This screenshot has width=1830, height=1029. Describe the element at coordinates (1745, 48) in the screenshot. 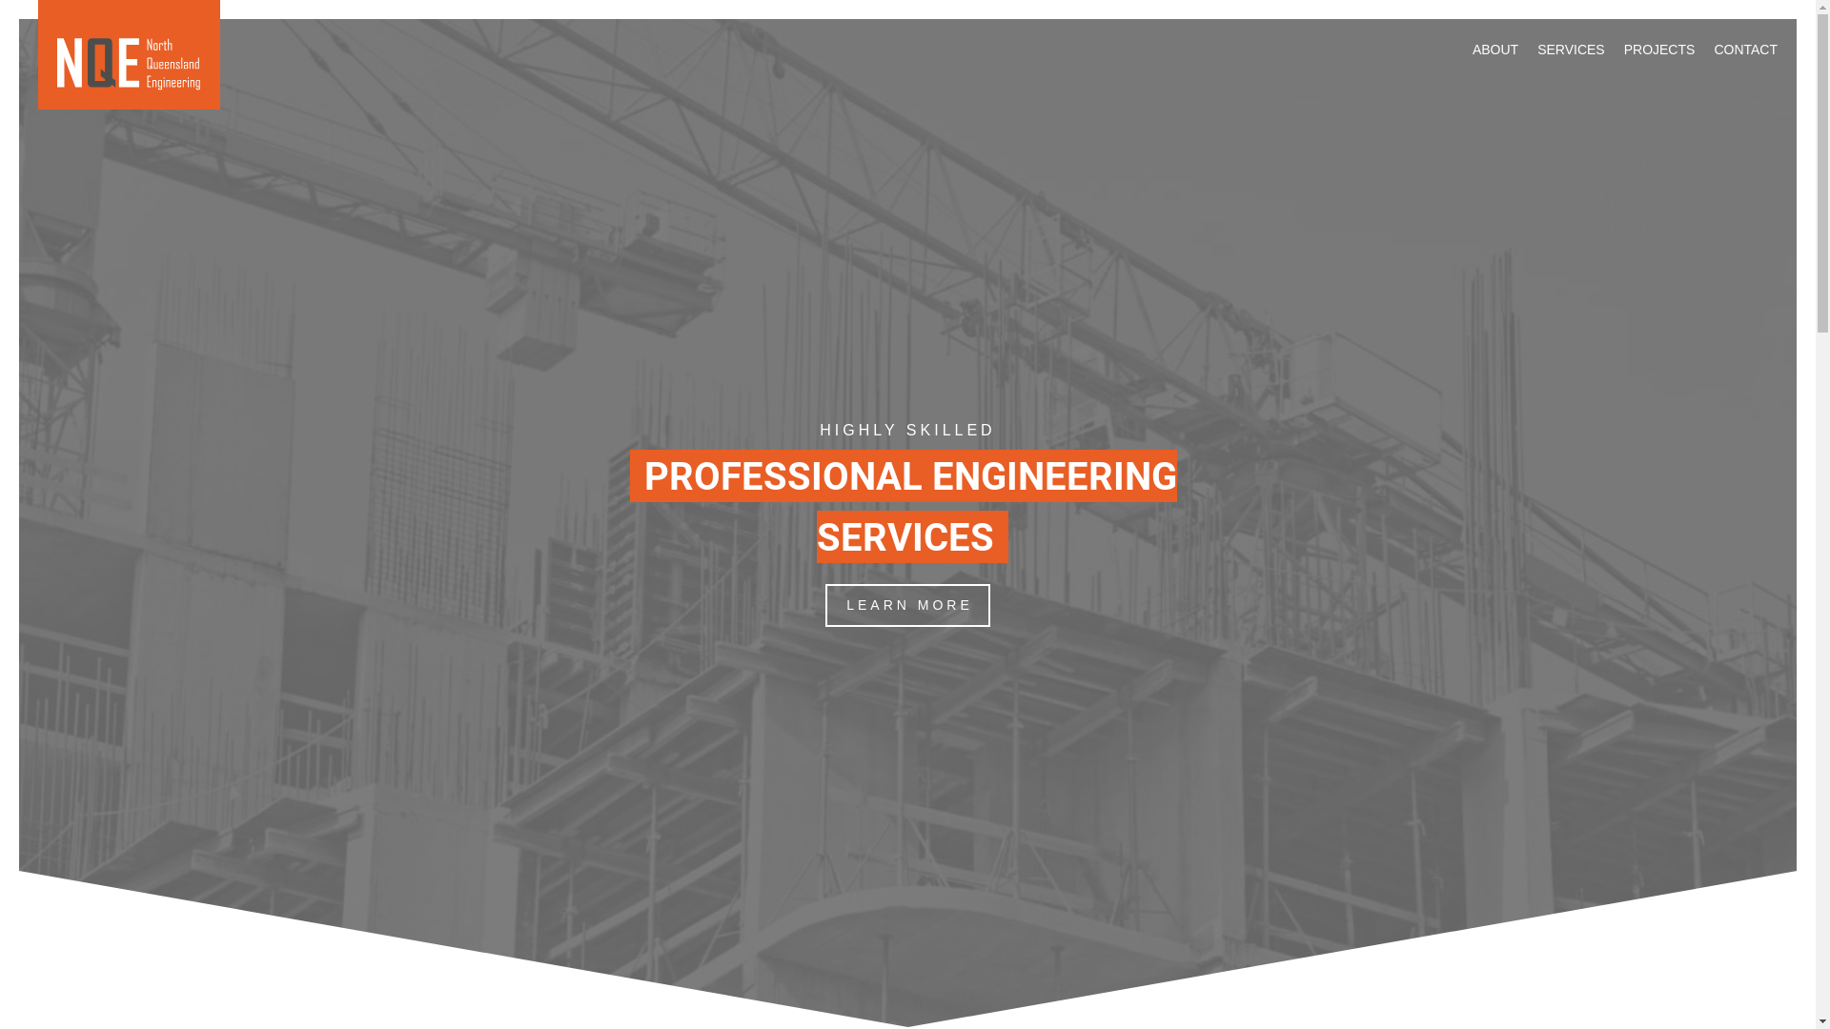

I see `'CONTACT'` at that location.